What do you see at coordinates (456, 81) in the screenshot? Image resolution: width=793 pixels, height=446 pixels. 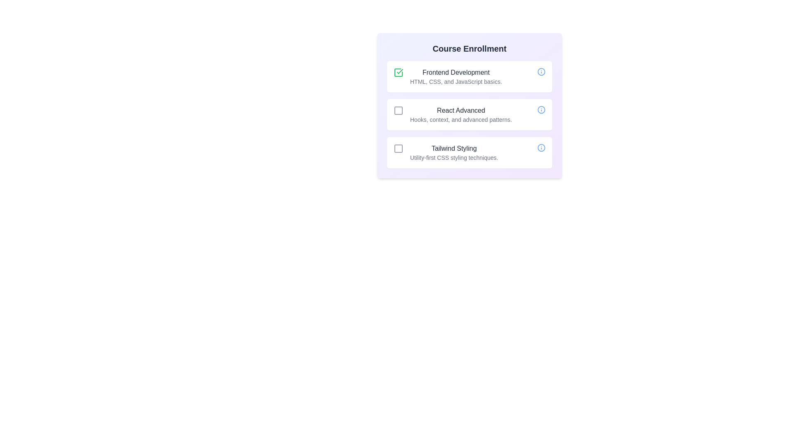 I see `the text label reading 'HTML, CSS, and JavaScript basics,' which is styled in a smaller gray font and positioned directly below the title 'Frontend Development.'` at bounding box center [456, 81].